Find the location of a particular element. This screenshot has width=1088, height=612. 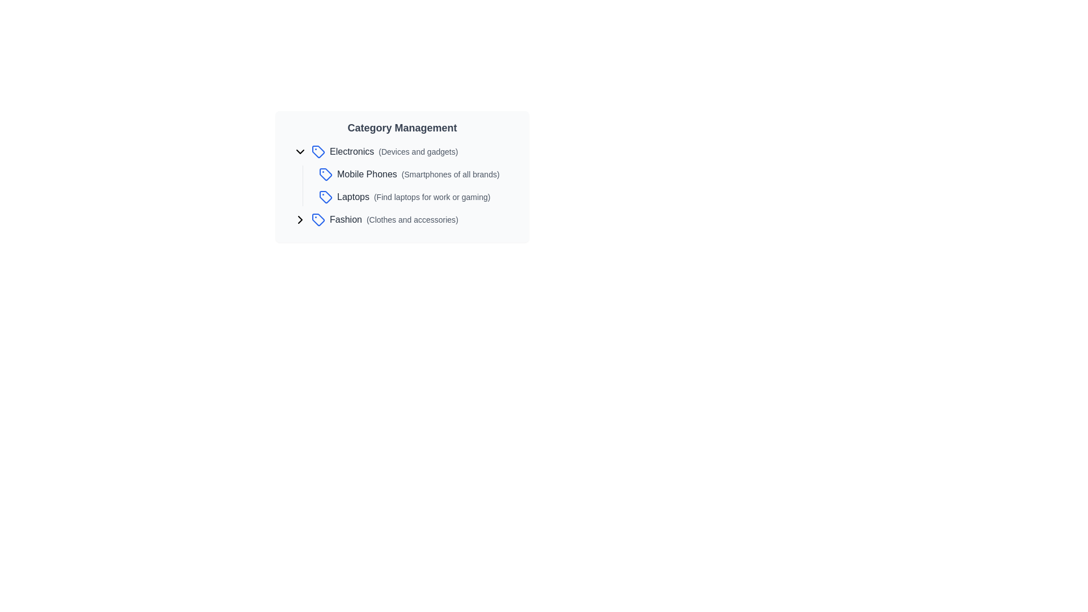

the Text Label that categorizes electronic devices and gadgets, positioned under the 'Category Management' header as the first item in the list is located at coordinates (394, 151).